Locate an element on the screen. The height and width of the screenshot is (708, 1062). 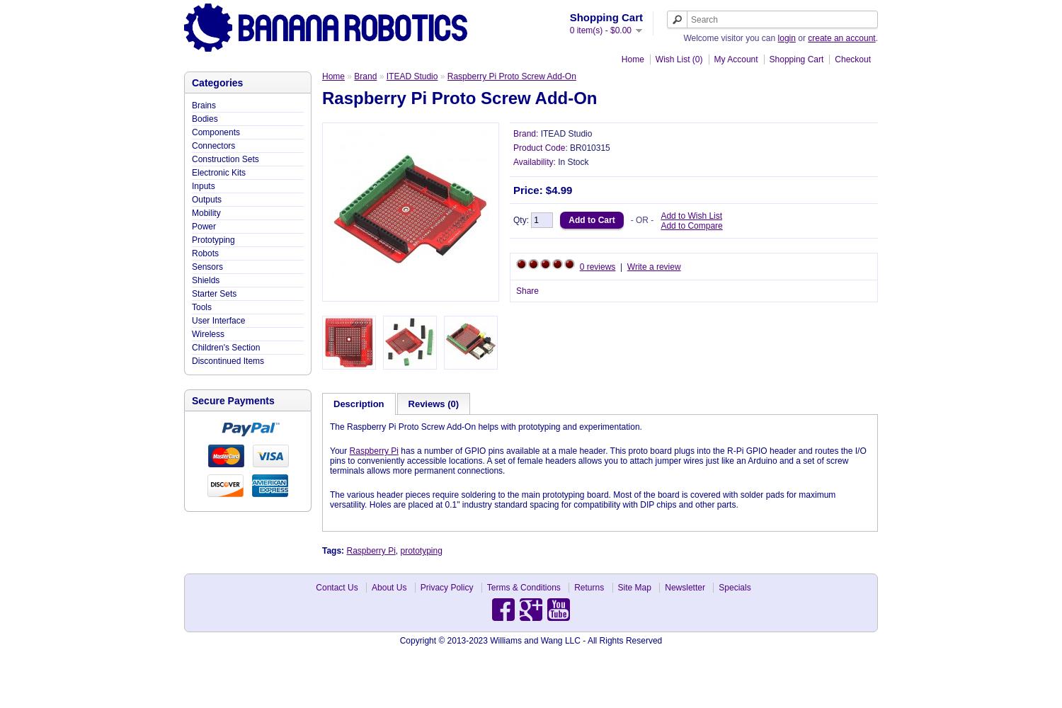
'Connectors' is located at coordinates (192, 145).